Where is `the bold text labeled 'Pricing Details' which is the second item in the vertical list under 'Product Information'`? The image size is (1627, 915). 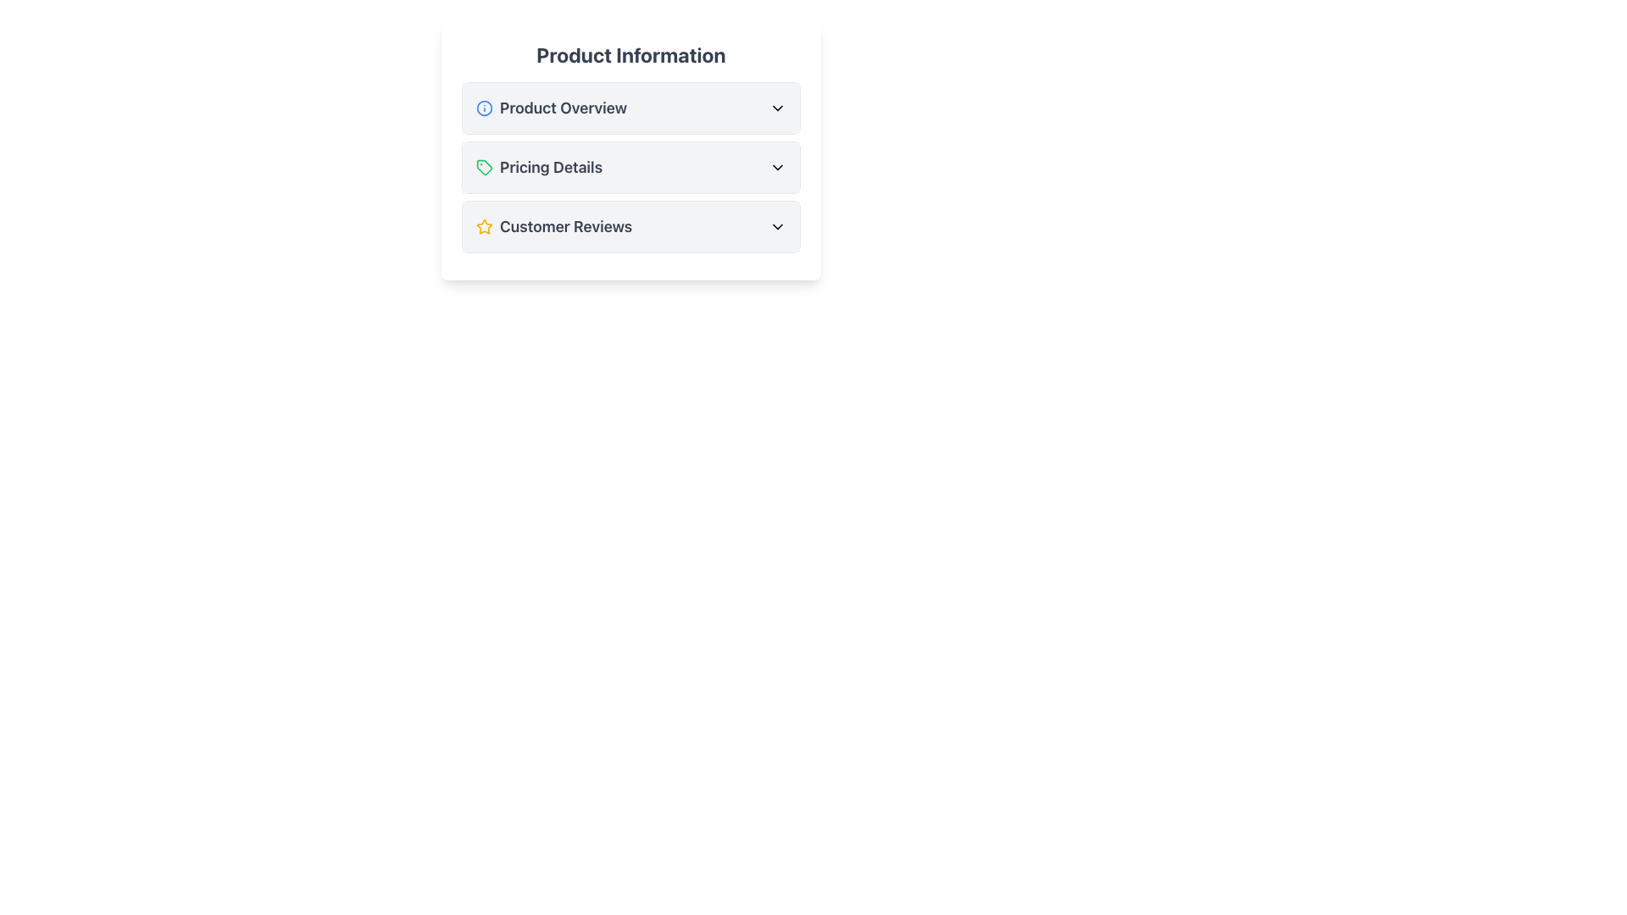
the bold text labeled 'Pricing Details' which is the second item in the vertical list under 'Product Information' is located at coordinates (551, 167).